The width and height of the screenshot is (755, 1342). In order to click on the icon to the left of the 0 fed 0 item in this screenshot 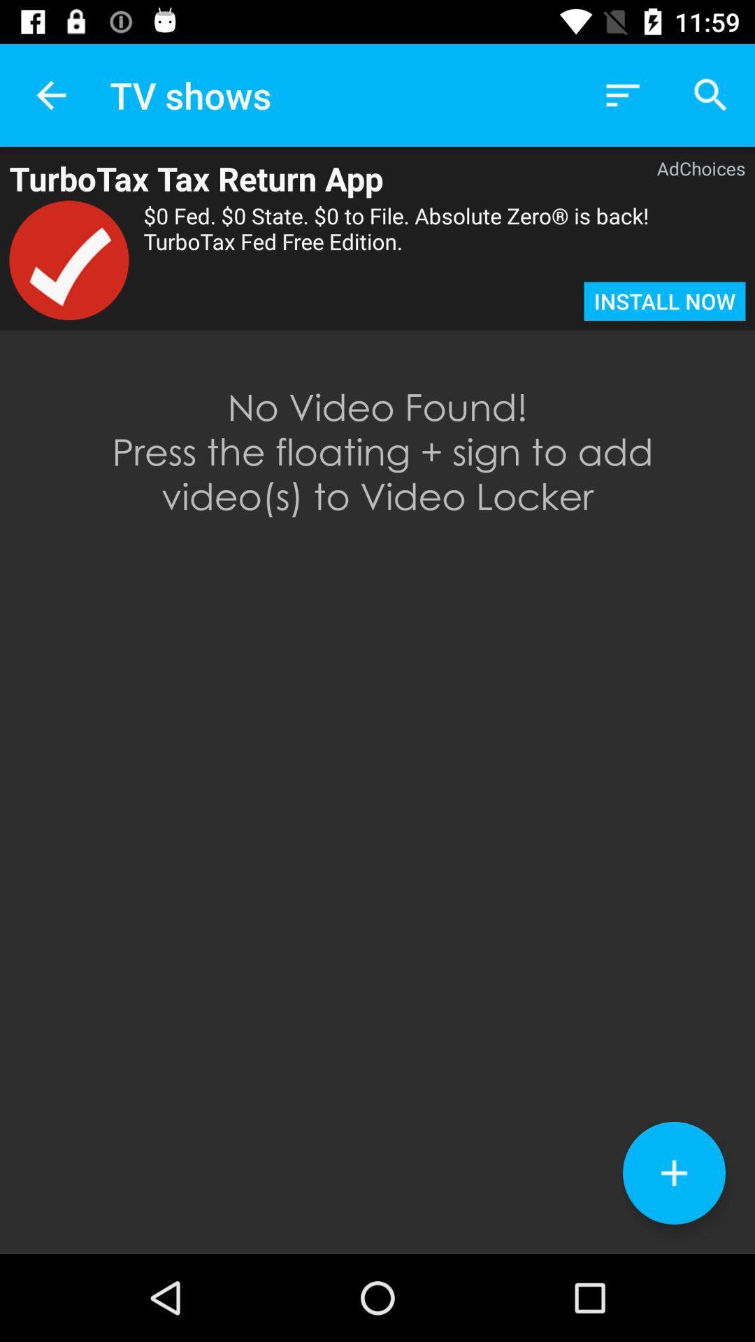, I will do `click(69, 260)`.